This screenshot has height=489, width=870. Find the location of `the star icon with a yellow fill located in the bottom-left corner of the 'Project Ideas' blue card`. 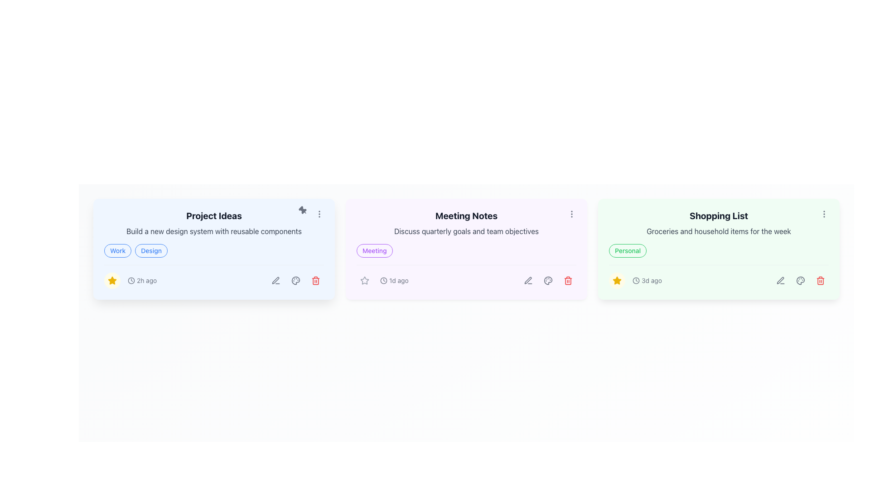

the star icon with a yellow fill located in the bottom-left corner of the 'Project Ideas' blue card is located at coordinates (617, 280).